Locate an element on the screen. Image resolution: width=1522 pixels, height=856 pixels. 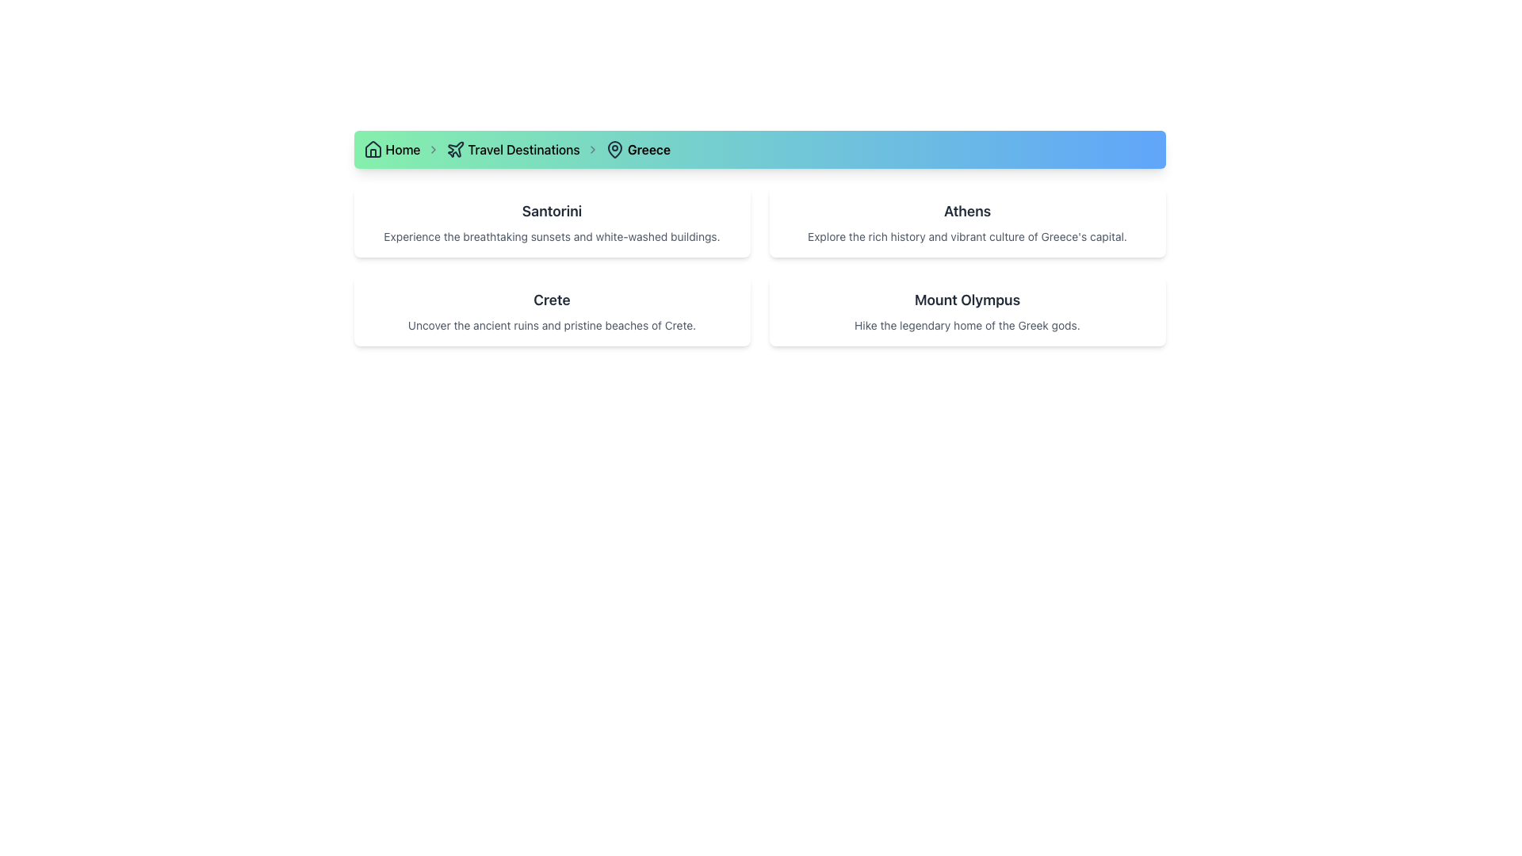
the text label displaying 'Mount Olympus', which is in bold dark gray font on a white background, located in the bottom-right card of the travel destination grid is located at coordinates (966, 300).